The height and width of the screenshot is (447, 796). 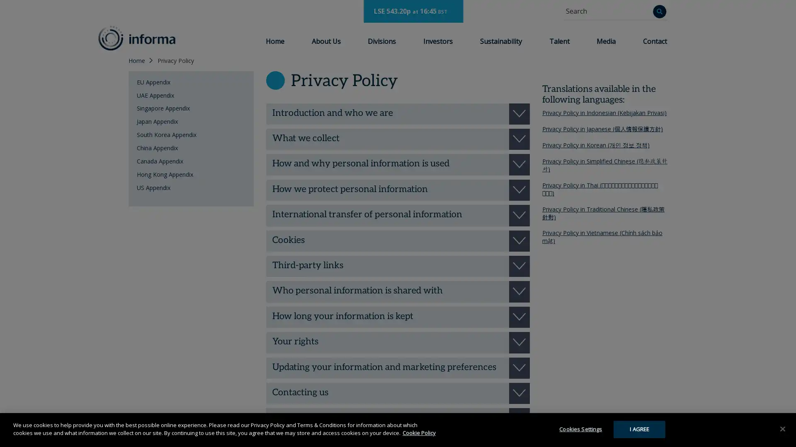 What do you see at coordinates (782, 428) in the screenshot?
I see `Close` at bounding box center [782, 428].